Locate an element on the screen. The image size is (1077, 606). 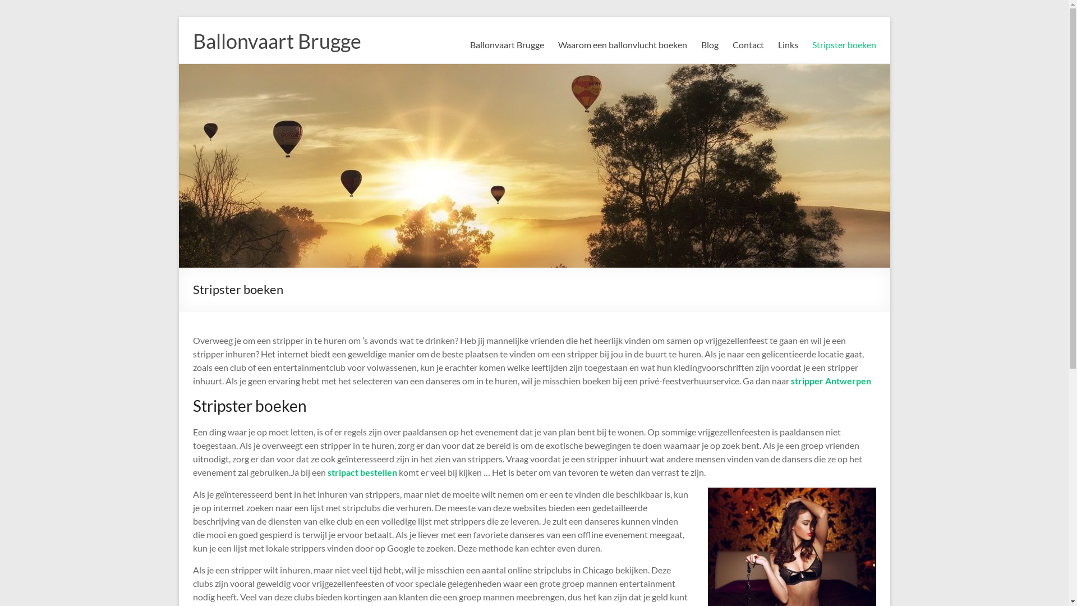
'Waarom een ballonvlucht boeken' is located at coordinates (621, 44).